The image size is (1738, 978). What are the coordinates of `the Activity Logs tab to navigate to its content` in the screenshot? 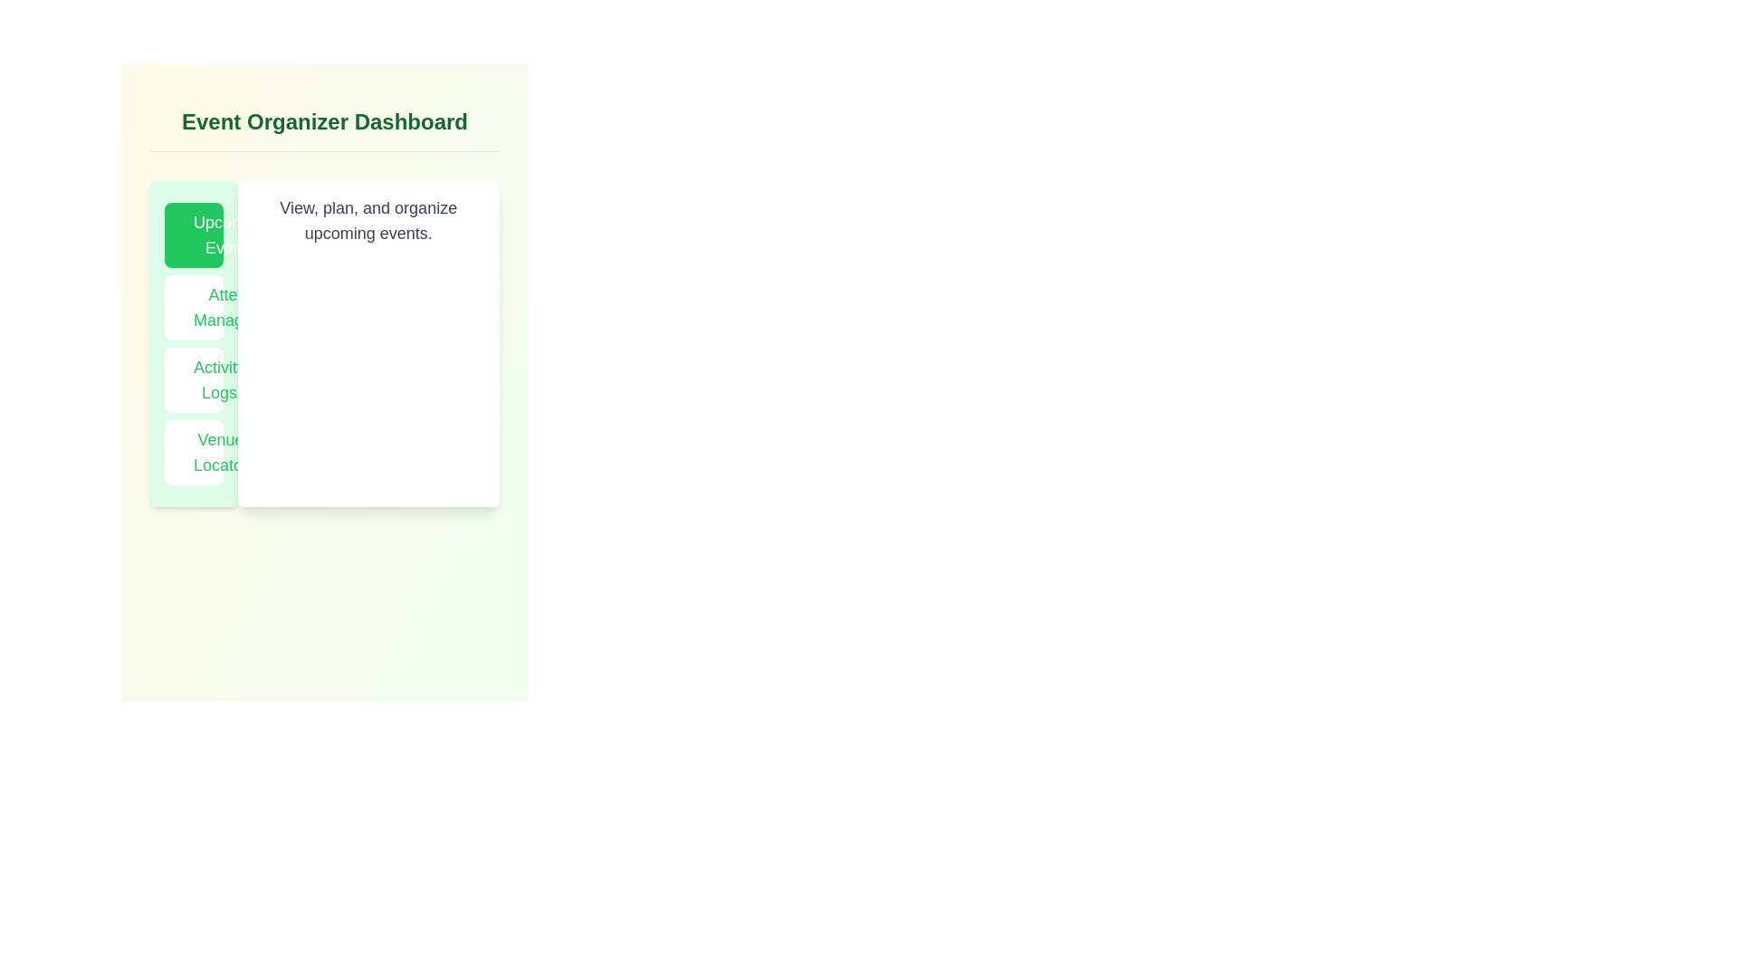 It's located at (194, 379).